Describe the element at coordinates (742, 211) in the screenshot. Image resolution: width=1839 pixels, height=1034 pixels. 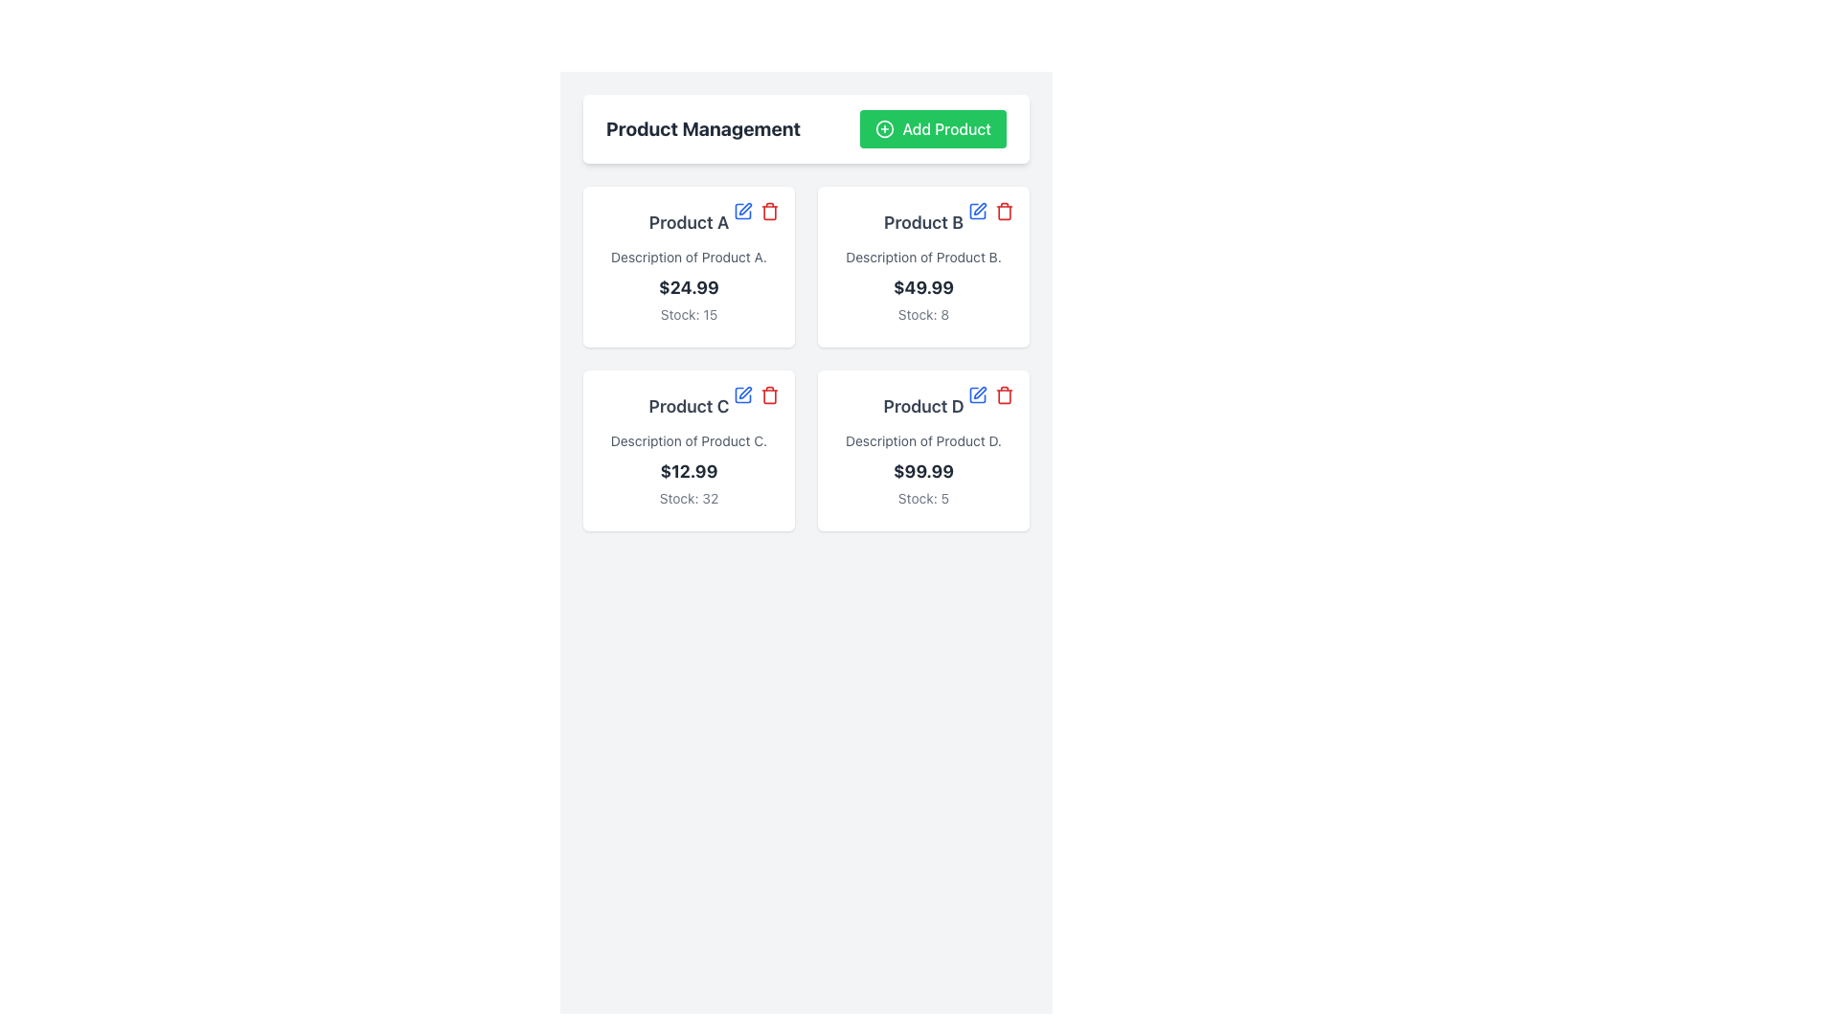
I see `the edit icon button located in the top-right corner of the card layout for 'Product A', adjacent to the red trash can icon` at that location.